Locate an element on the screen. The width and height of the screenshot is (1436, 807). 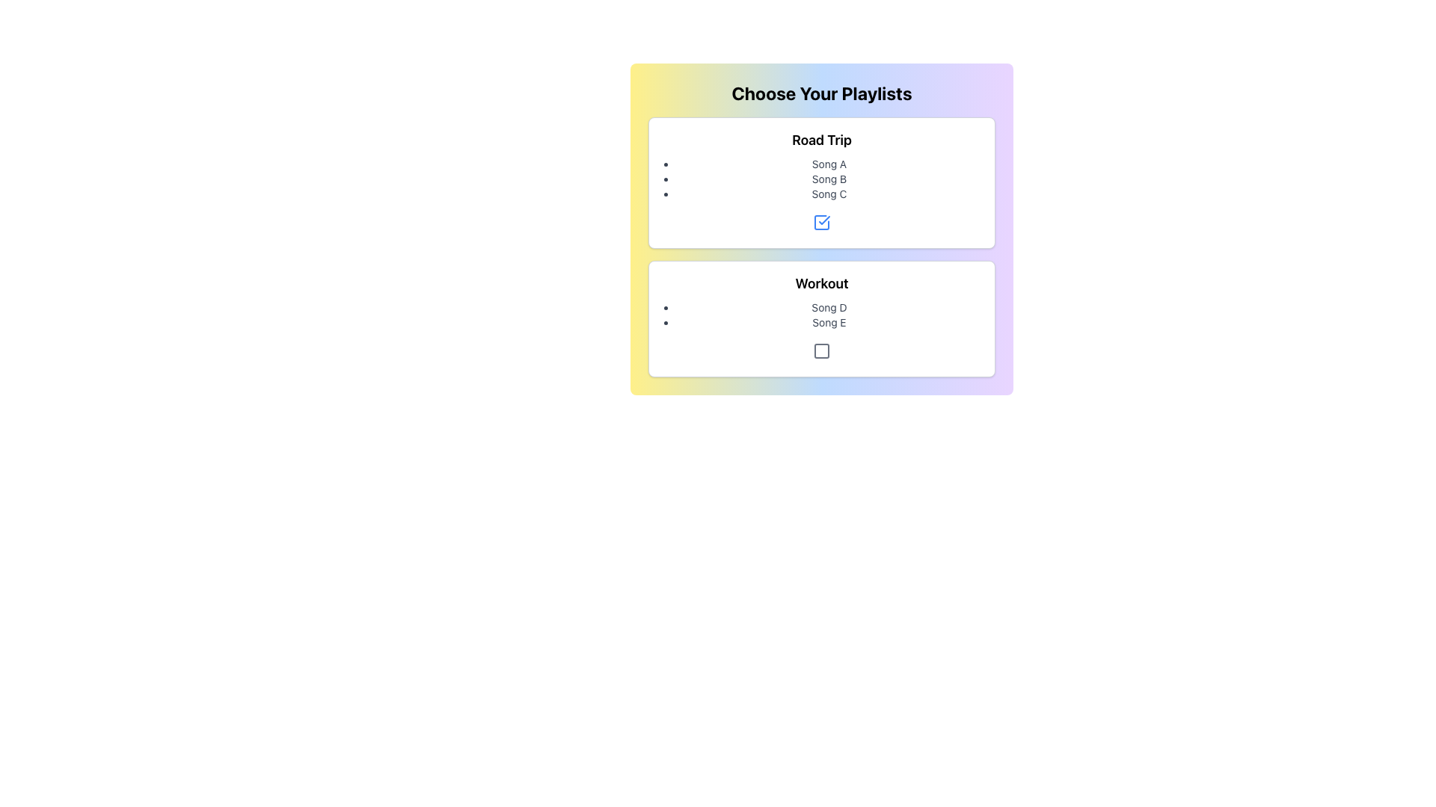
the label/text displaying 'Song E', which is the second item in the list under the 'Workout' section is located at coordinates (828, 322).